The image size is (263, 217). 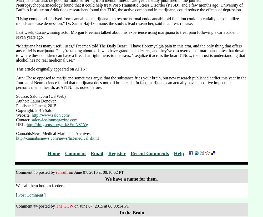 What do you see at coordinates (31, 120) in the screenshot?
I see `'salon@salonmagazine.com'` at bounding box center [31, 120].